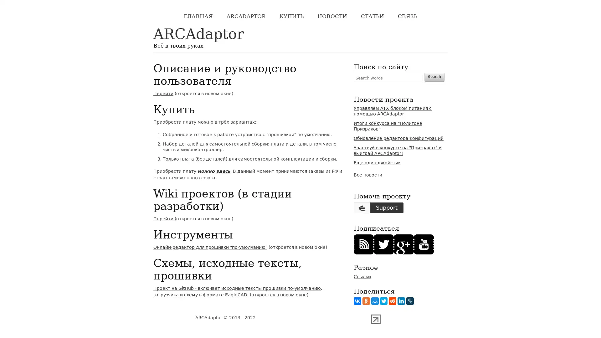  What do you see at coordinates (434, 77) in the screenshot?
I see `Search` at bounding box center [434, 77].